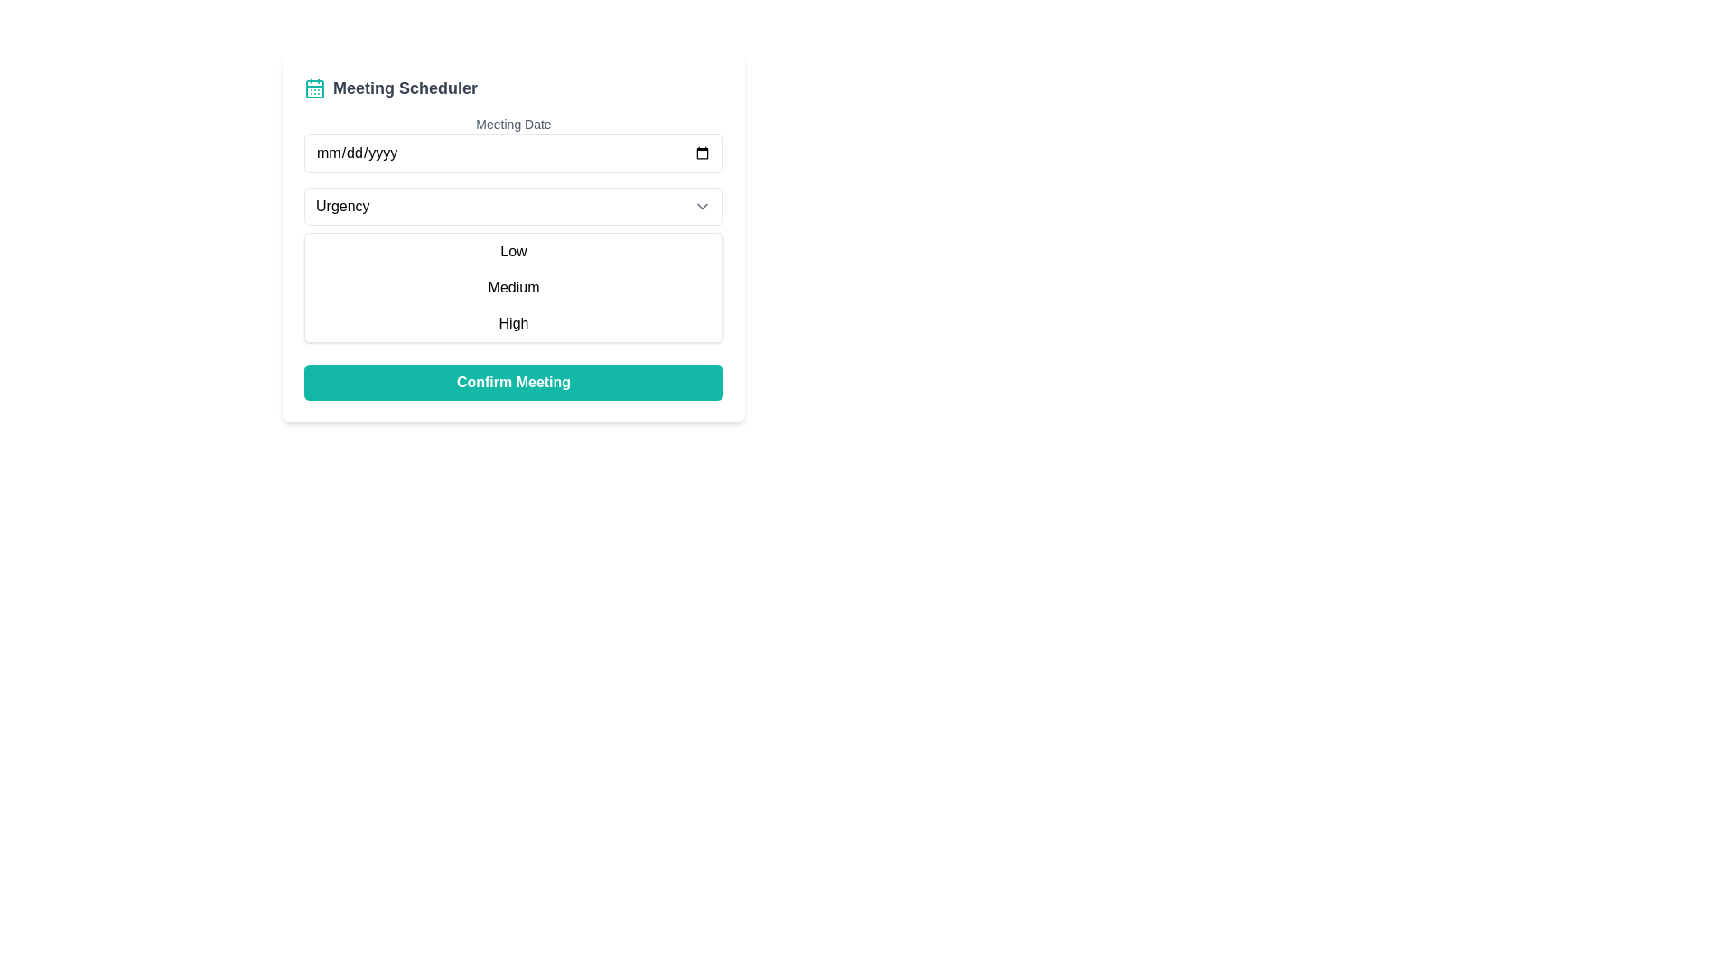  I want to click on the Label that describes the meeting date input field, which is located at the top of the form in the Meeting Scheduler interface, so click(513, 124).